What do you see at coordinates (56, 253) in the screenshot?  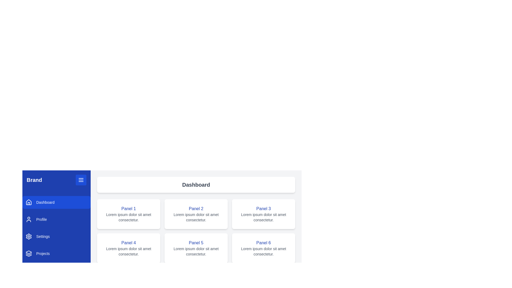 I see `the 'Projects' menu item in the vertical navigation menu, which is the fourth item after 'Settings' and is highlighted with a blue background and a notification dot` at bounding box center [56, 253].